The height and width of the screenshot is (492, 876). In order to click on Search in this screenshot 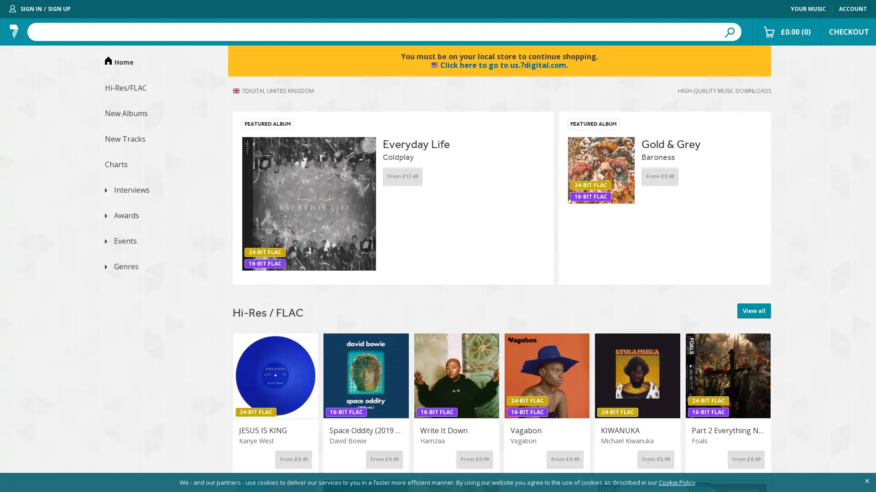, I will do `click(729, 31)`.